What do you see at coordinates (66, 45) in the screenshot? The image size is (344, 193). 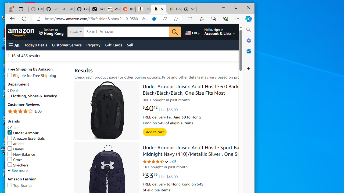 I see `'Customer Service'` at bounding box center [66, 45].